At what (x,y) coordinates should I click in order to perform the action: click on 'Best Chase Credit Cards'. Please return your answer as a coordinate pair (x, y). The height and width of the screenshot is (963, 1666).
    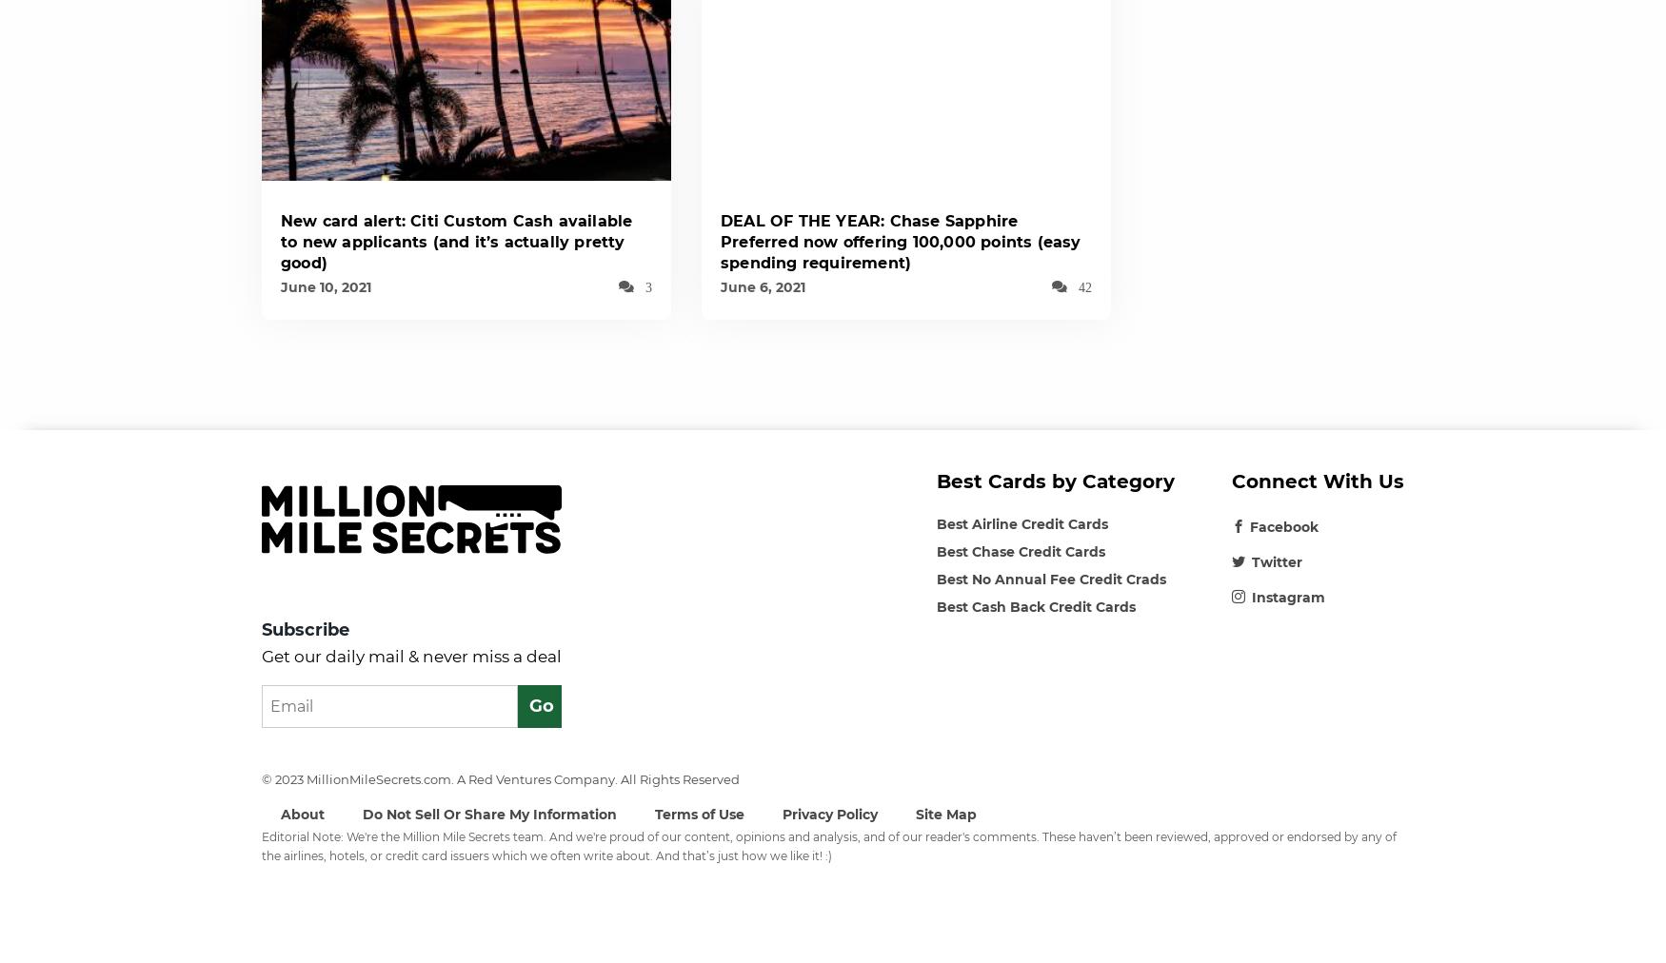
    Looking at the image, I should click on (1021, 550).